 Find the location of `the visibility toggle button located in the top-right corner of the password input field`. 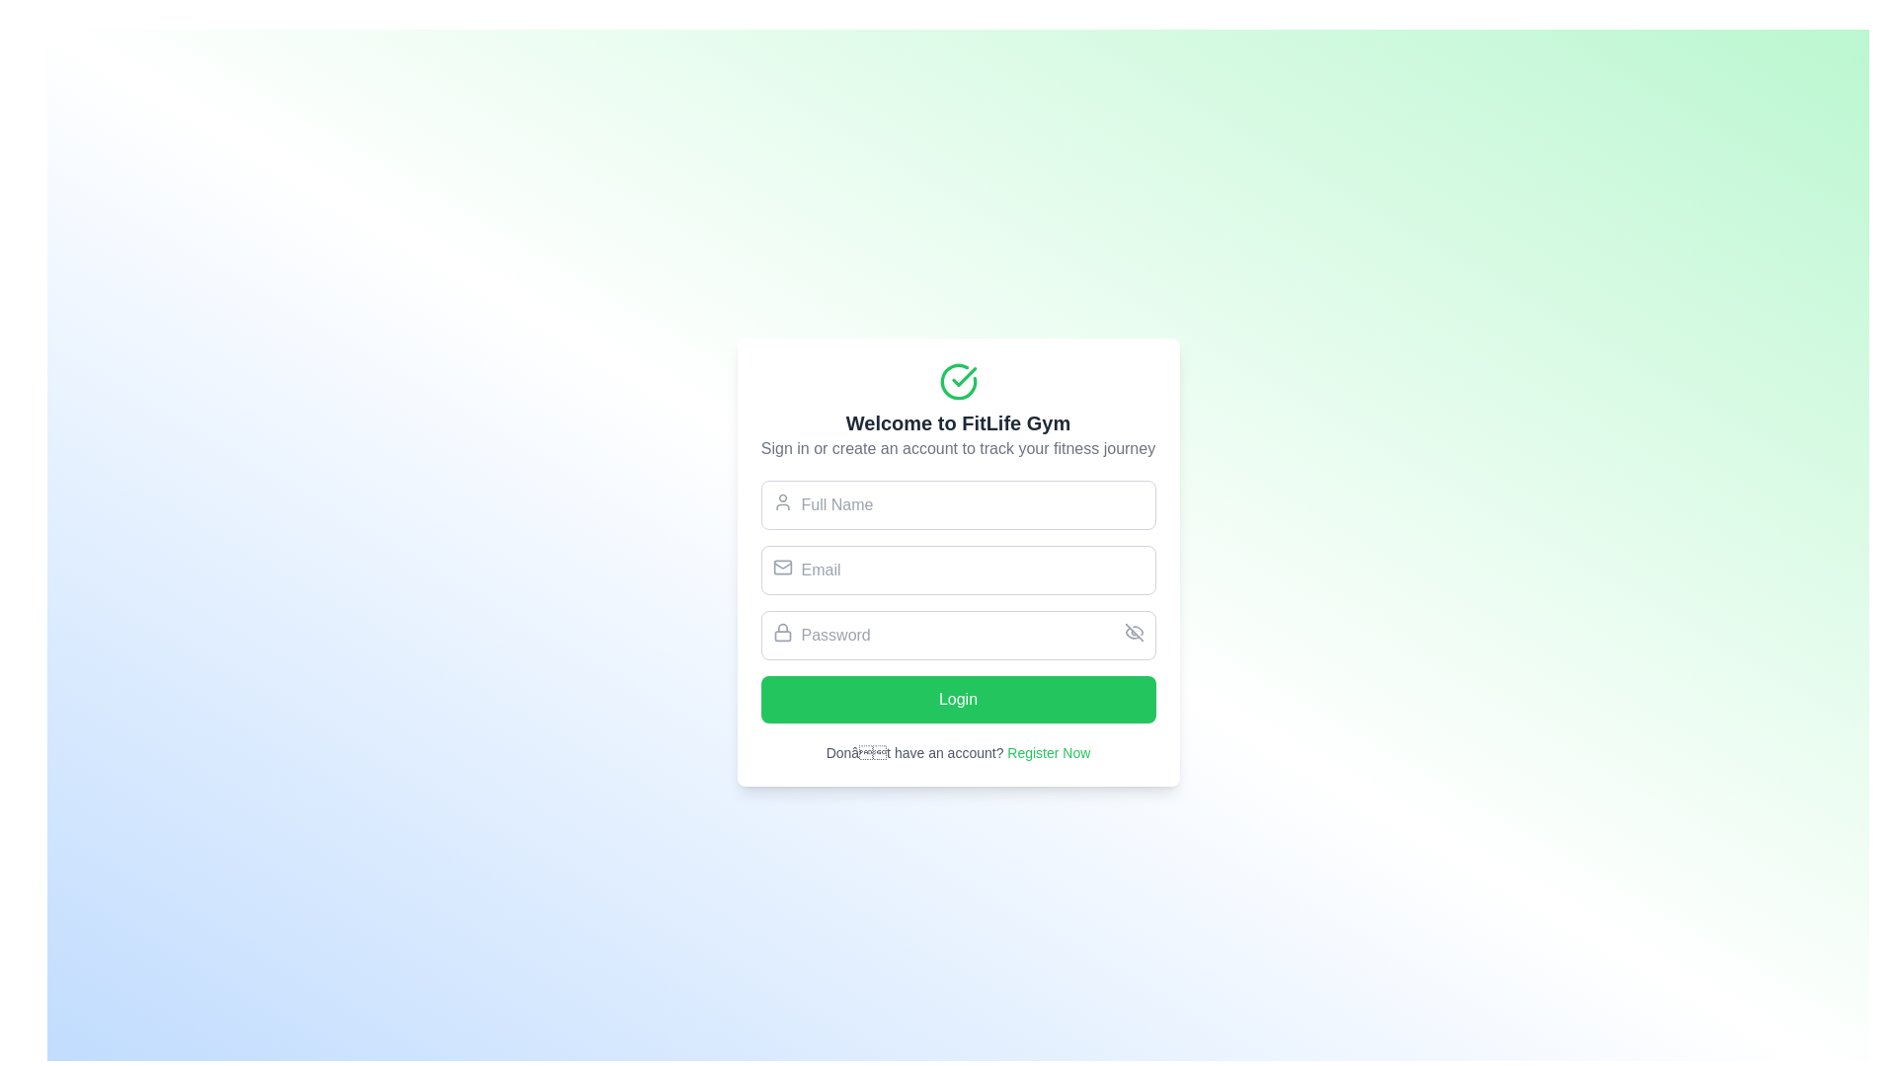

the visibility toggle button located in the top-right corner of the password input field is located at coordinates (1134, 632).